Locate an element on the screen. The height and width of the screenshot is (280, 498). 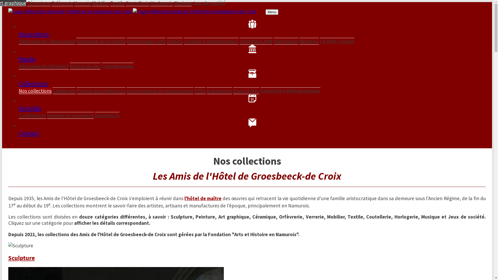
'Acquisitions' is located at coordinates (206, 90).